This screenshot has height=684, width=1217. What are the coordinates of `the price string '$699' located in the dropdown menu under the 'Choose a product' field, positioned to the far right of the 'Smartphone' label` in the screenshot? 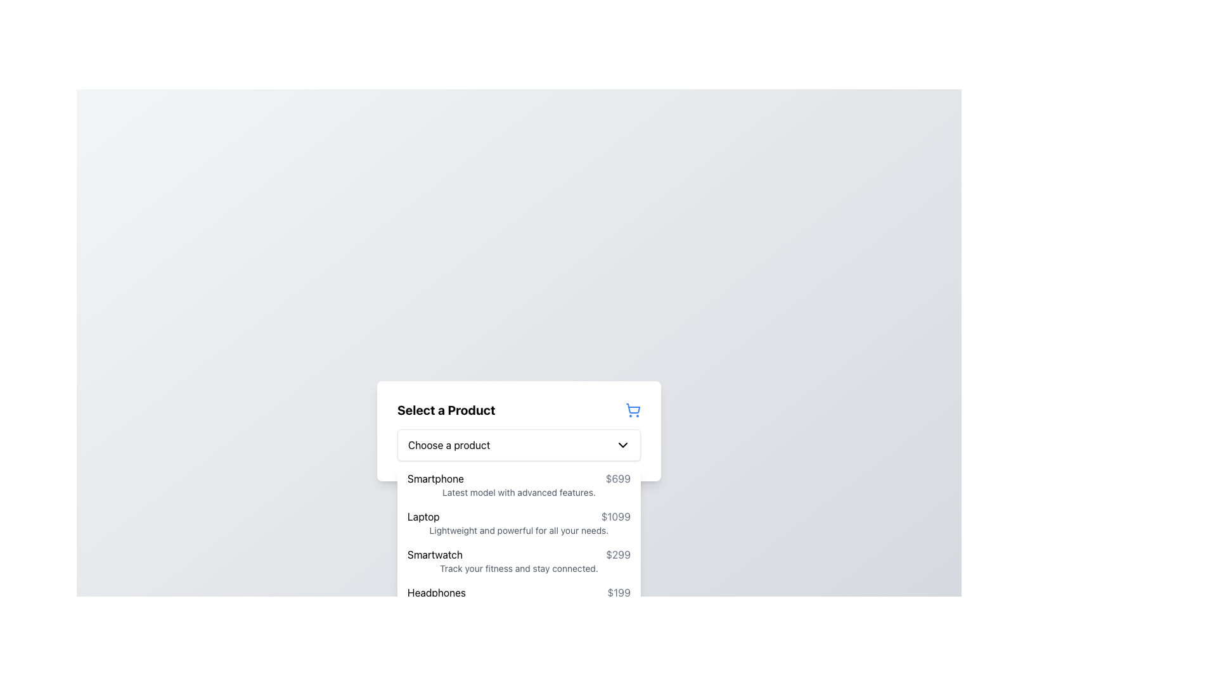 It's located at (618, 479).